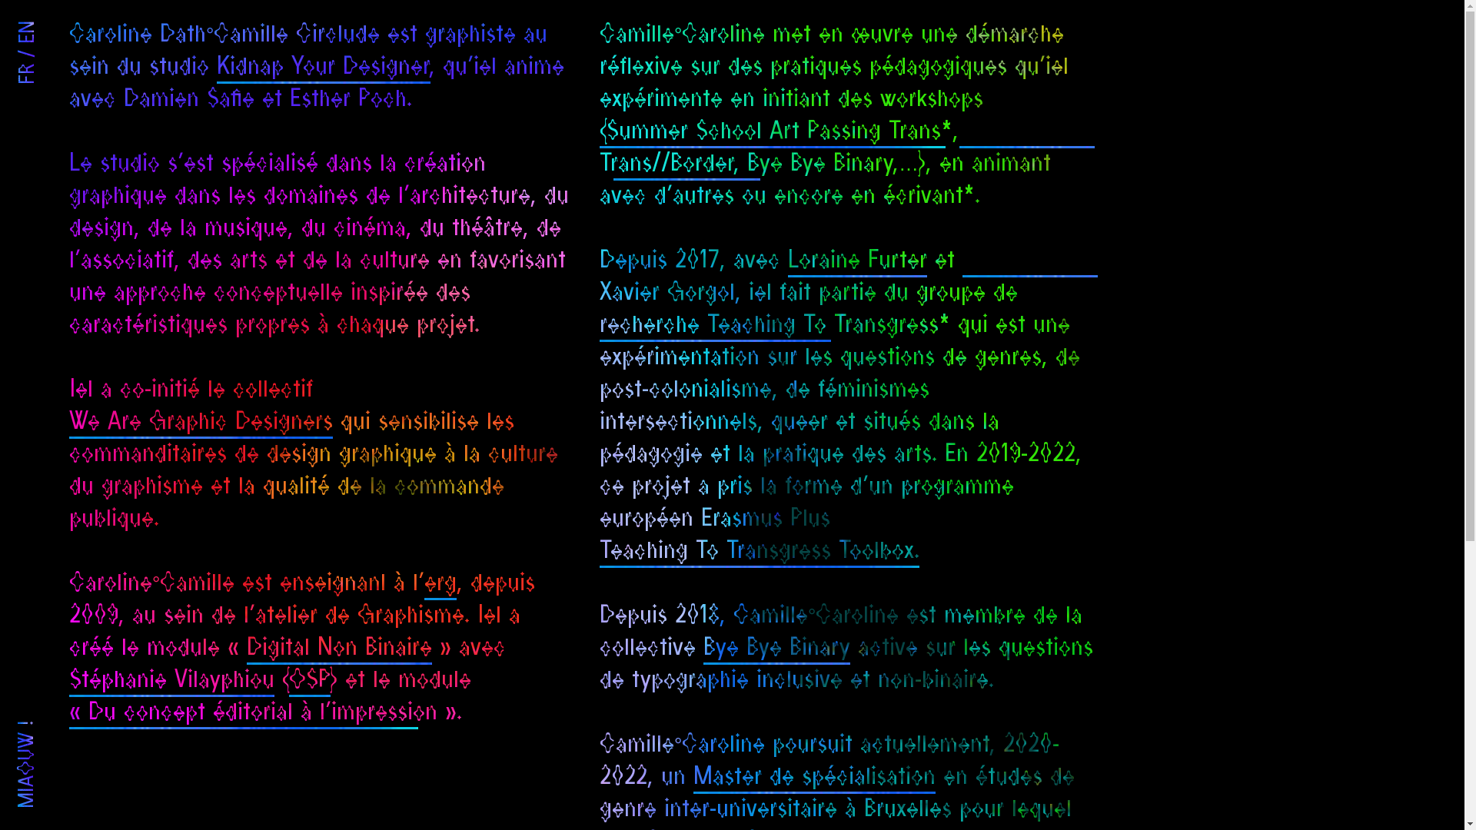 This screenshot has width=1476, height=830. What do you see at coordinates (703, 649) in the screenshot?
I see `'Bye Bye Binary'` at bounding box center [703, 649].